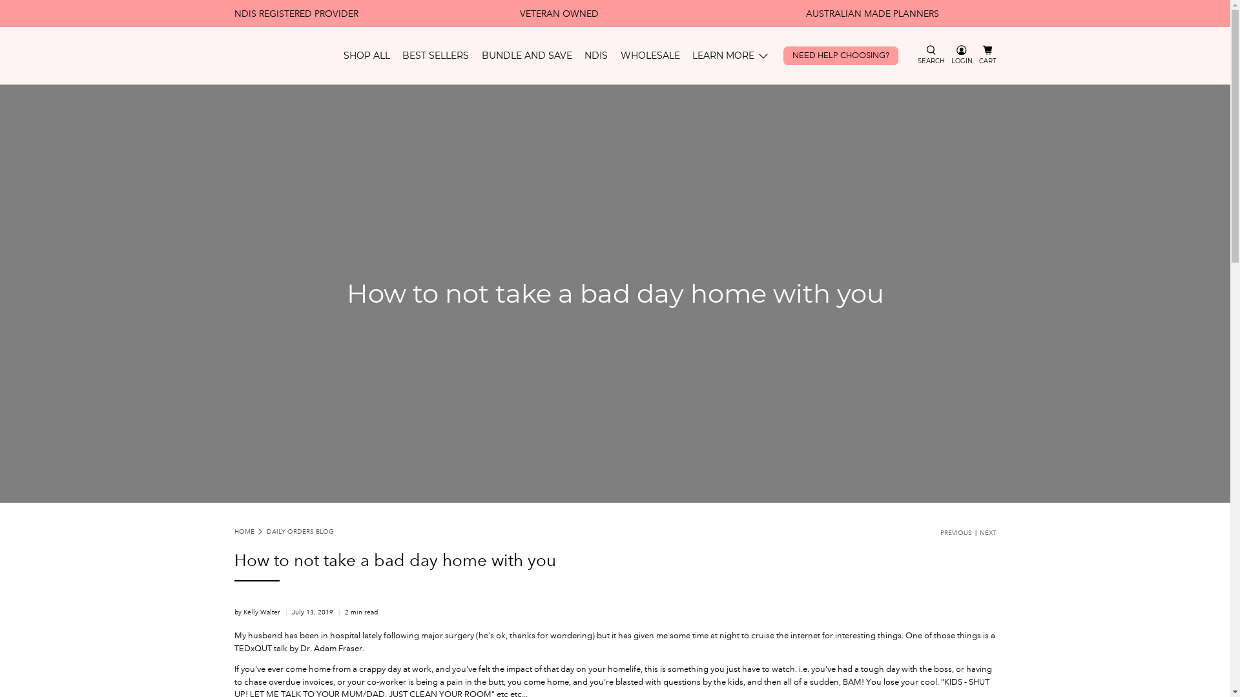 Image resolution: width=1240 pixels, height=697 pixels. What do you see at coordinates (256, 611) in the screenshot?
I see `'by Kelly Walter'` at bounding box center [256, 611].